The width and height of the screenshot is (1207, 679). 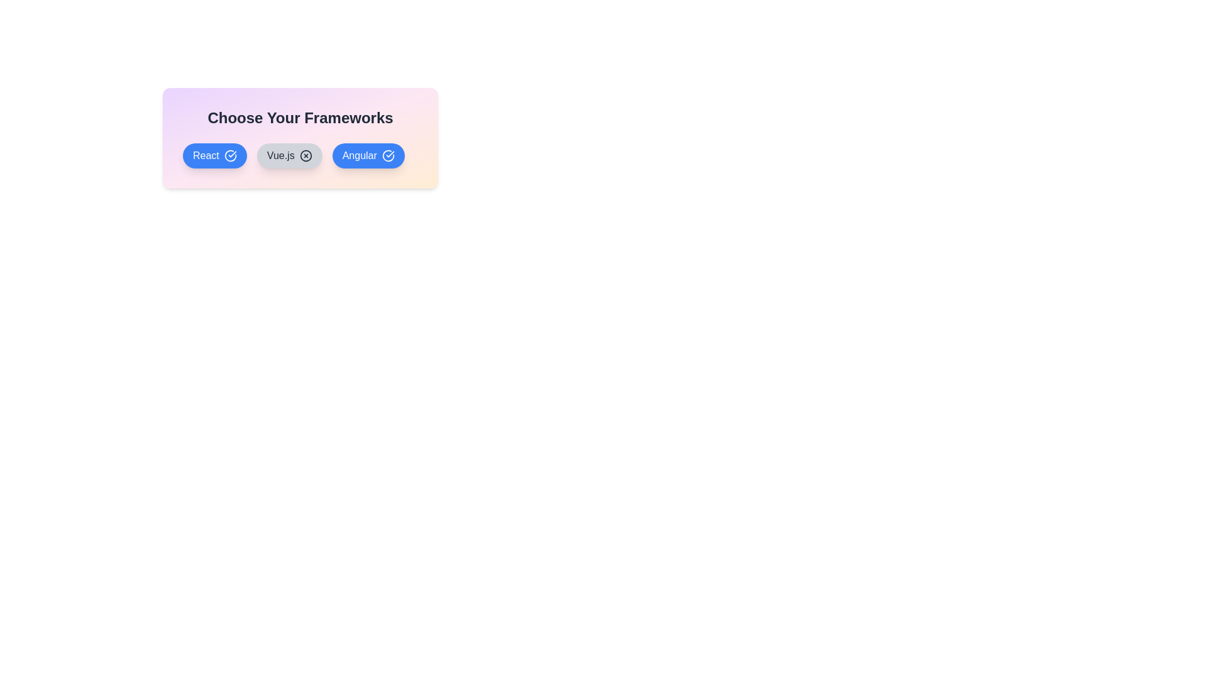 I want to click on the chip labeled Vue.js, so click(x=289, y=155).